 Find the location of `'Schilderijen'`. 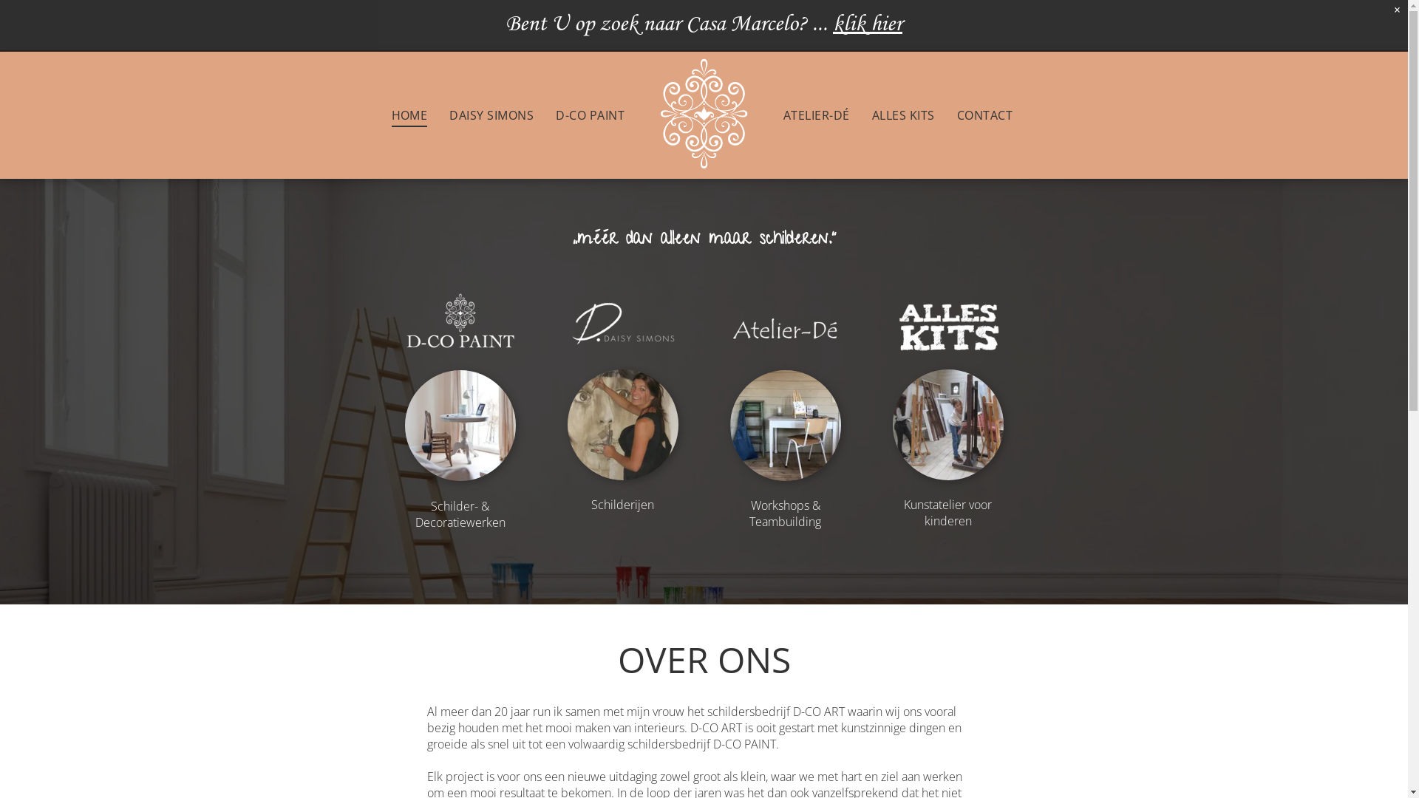

'Schilderijen' is located at coordinates (591, 503).